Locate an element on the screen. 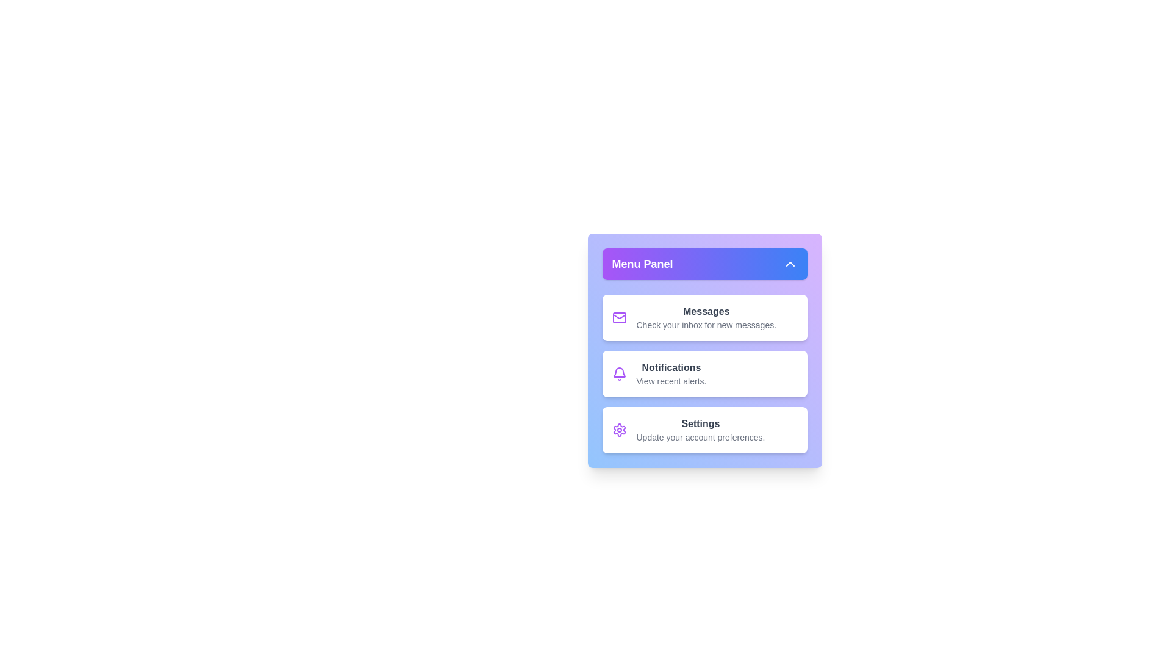 Image resolution: width=1171 pixels, height=659 pixels. the menu item labeled 'Notifications' to highlight it is located at coordinates (704, 373).